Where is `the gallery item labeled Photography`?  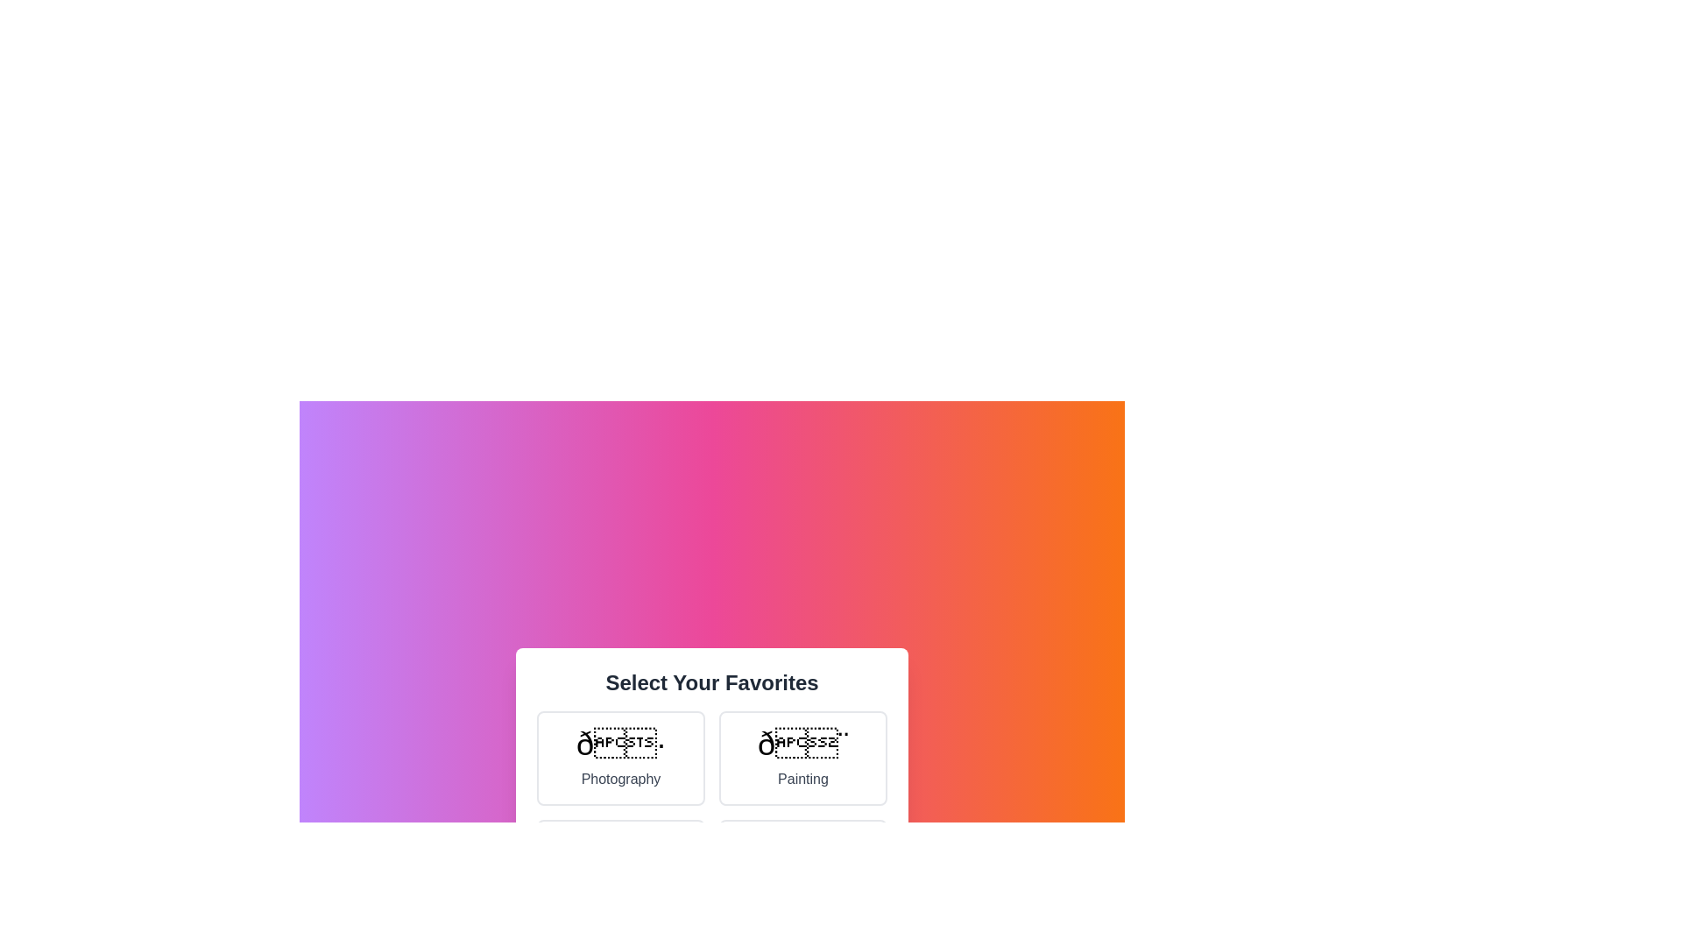
the gallery item labeled Photography is located at coordinates (621, 758).